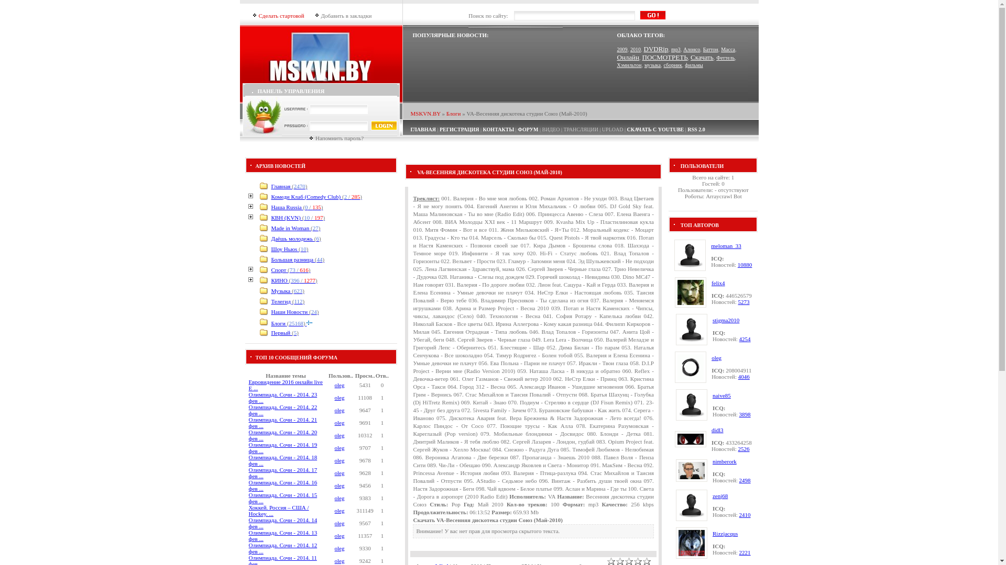  Describe the element at coordinates (340, 548) in the screenshot. I see `'oleg'` at that location.